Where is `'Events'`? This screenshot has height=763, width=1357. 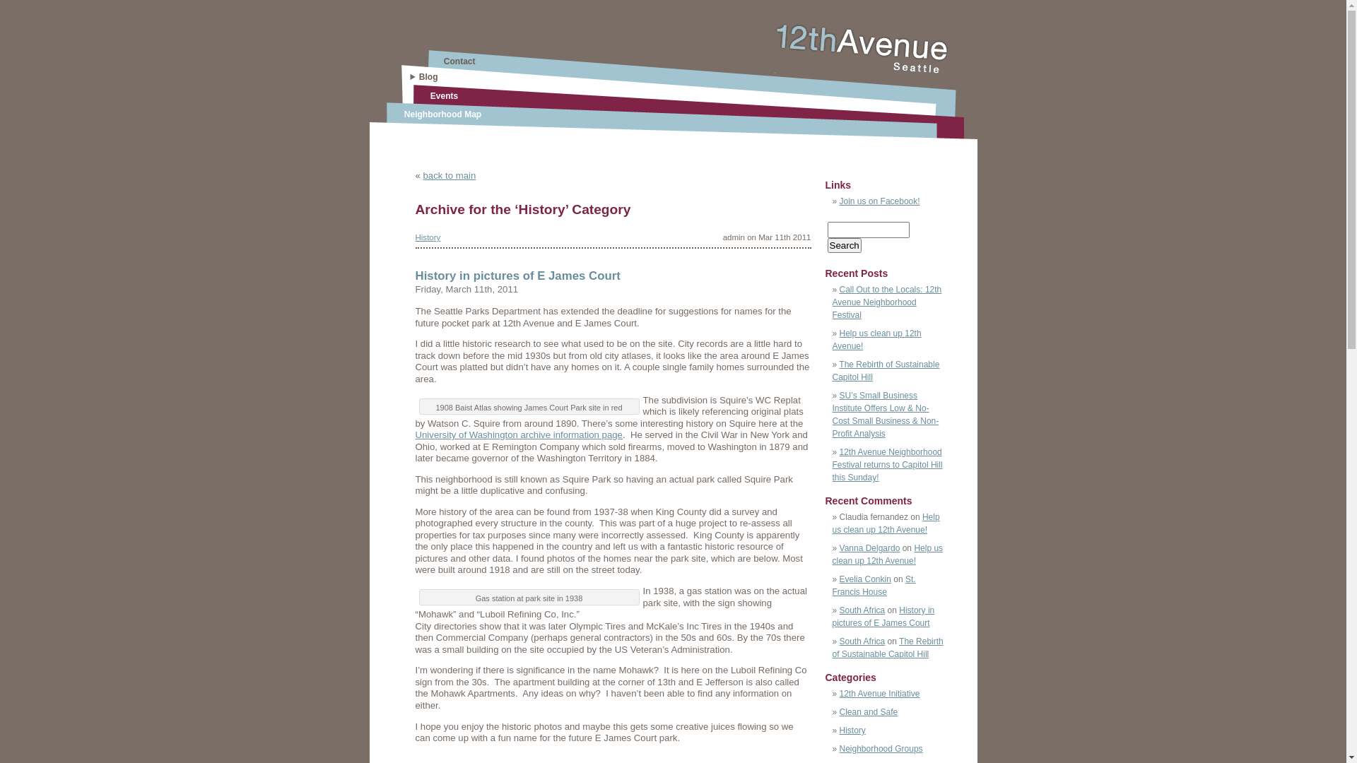 'Events' is located at coordinates (443, 95).